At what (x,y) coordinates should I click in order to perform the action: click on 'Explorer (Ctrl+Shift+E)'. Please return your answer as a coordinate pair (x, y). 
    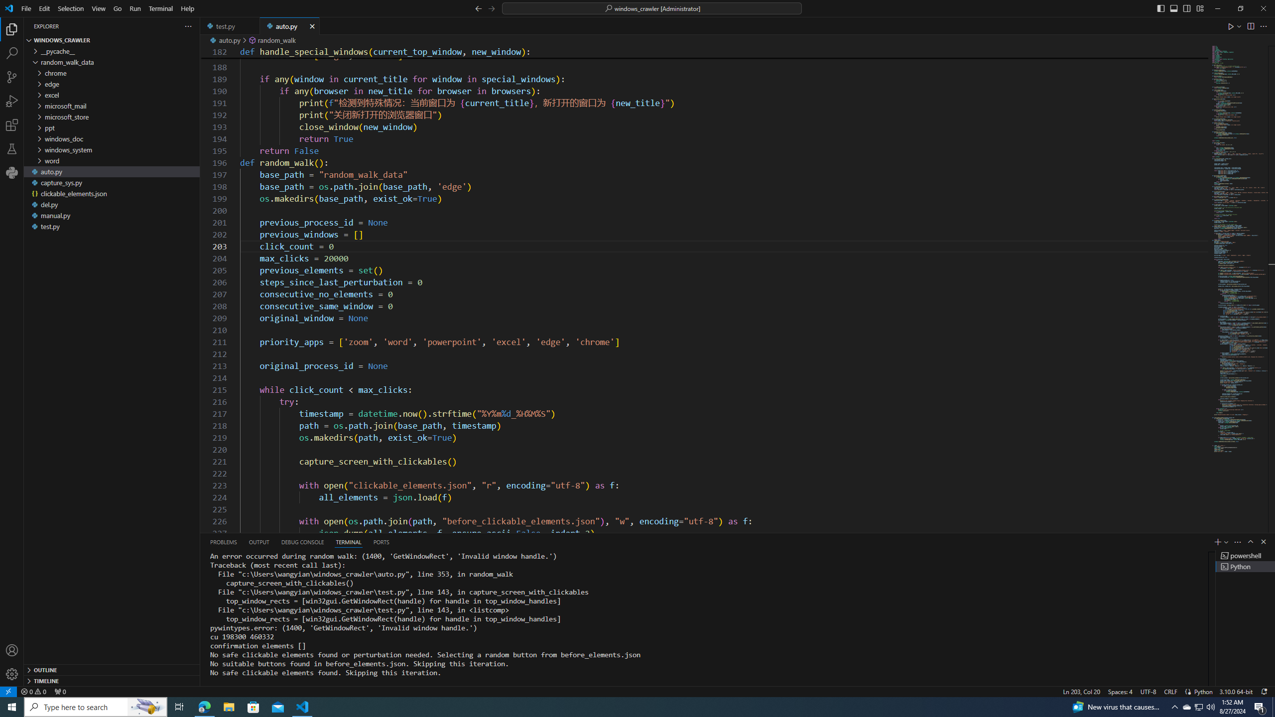
    Looking at the image, I should click on (12, 29).